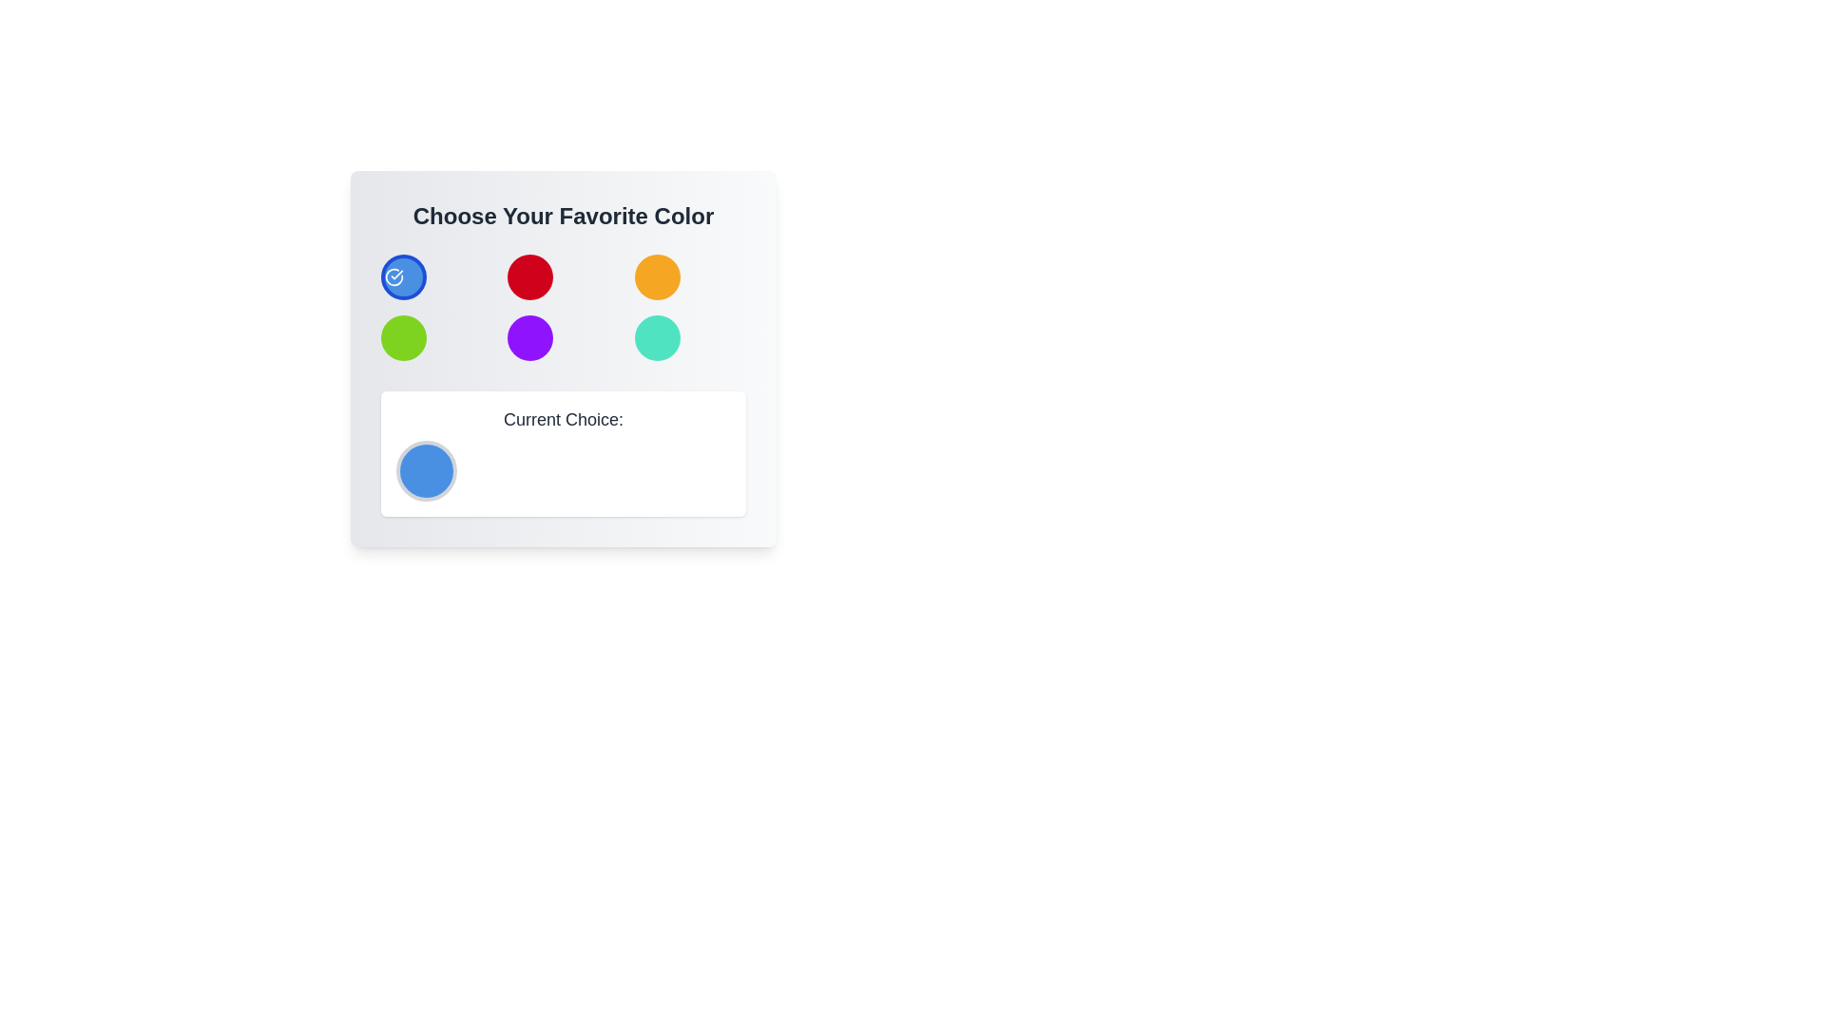 This screenshot has width=1825, height=1026. I want to click on the circular button in the 'Choose Your Favorite Color' section to enlarge it, which is the second button in the second row of a 3x3 grid, so click(530, 336).